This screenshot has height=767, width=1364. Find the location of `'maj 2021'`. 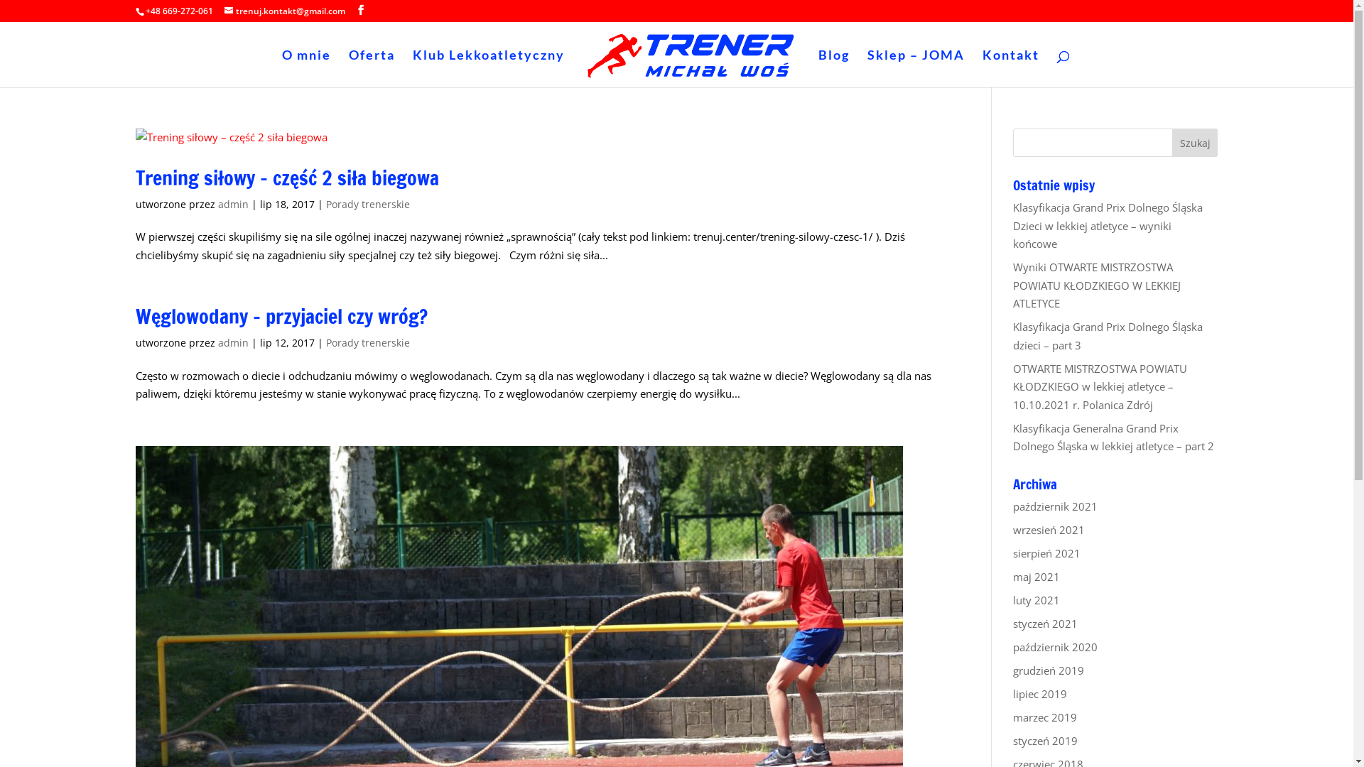

'maj 2021' is located at coordinates (1012, 577).